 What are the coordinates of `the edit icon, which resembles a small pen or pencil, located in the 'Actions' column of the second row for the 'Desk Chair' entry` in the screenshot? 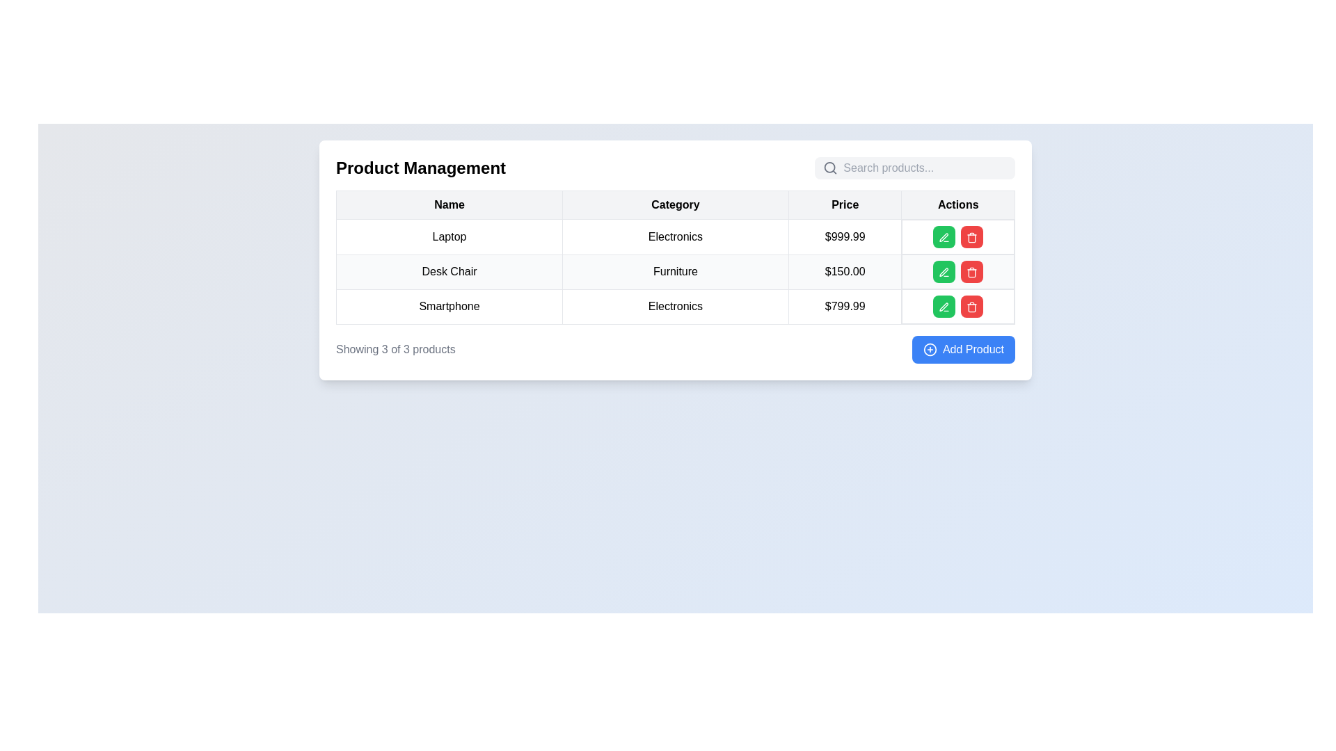 It's located at (944, 236).